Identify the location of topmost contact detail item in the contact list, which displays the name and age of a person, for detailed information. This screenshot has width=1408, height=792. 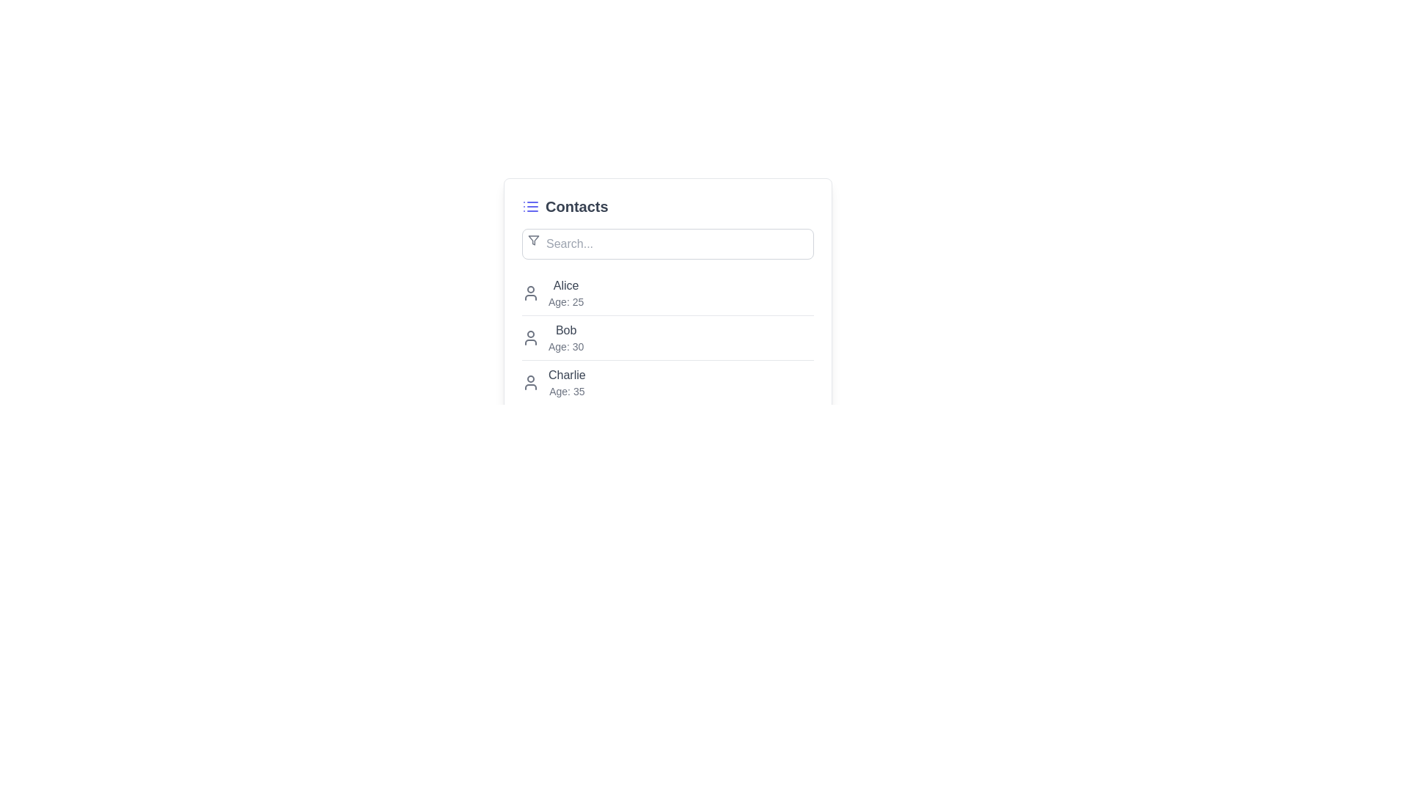
(667, 293).